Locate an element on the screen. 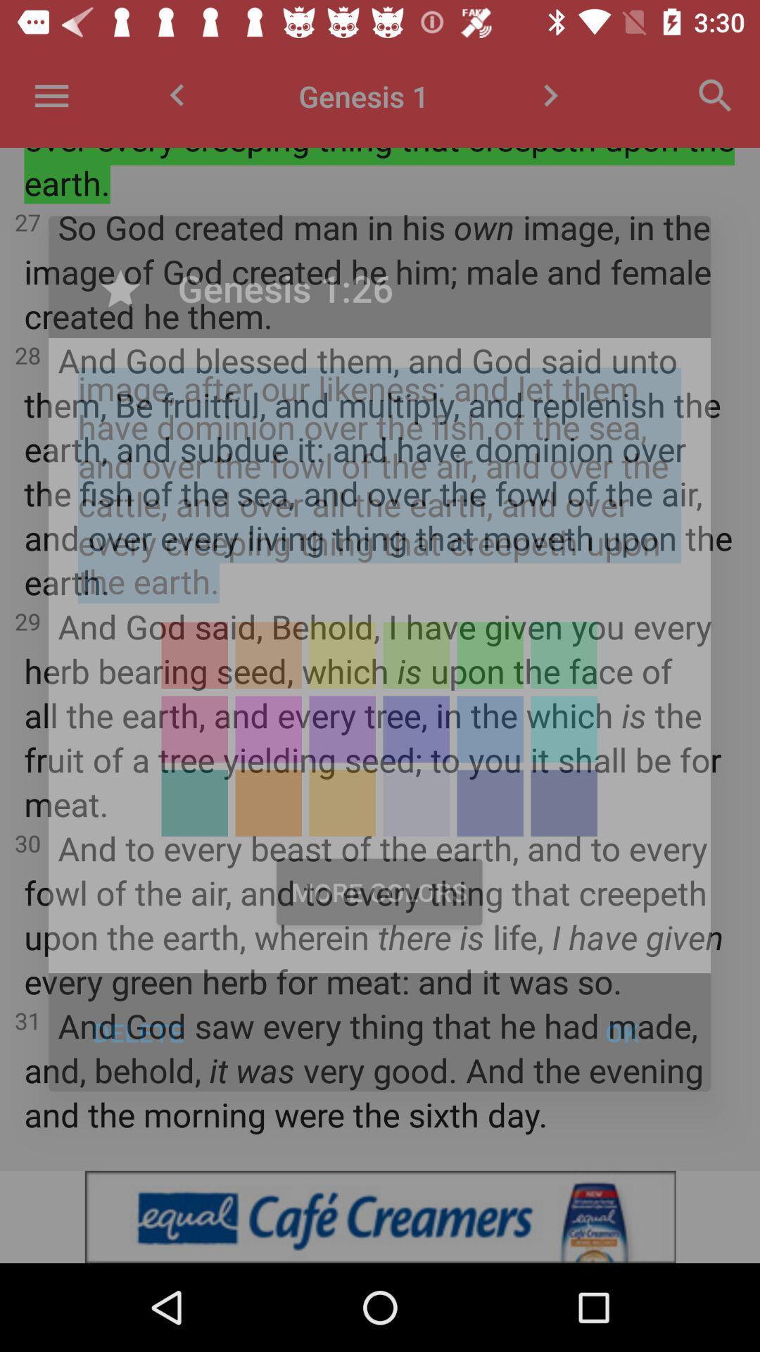 The height and width of the screenshot is (1352, 760). the arrow which is towards left and is on the left side of genesis 1 is located at coordinates (176, 95).